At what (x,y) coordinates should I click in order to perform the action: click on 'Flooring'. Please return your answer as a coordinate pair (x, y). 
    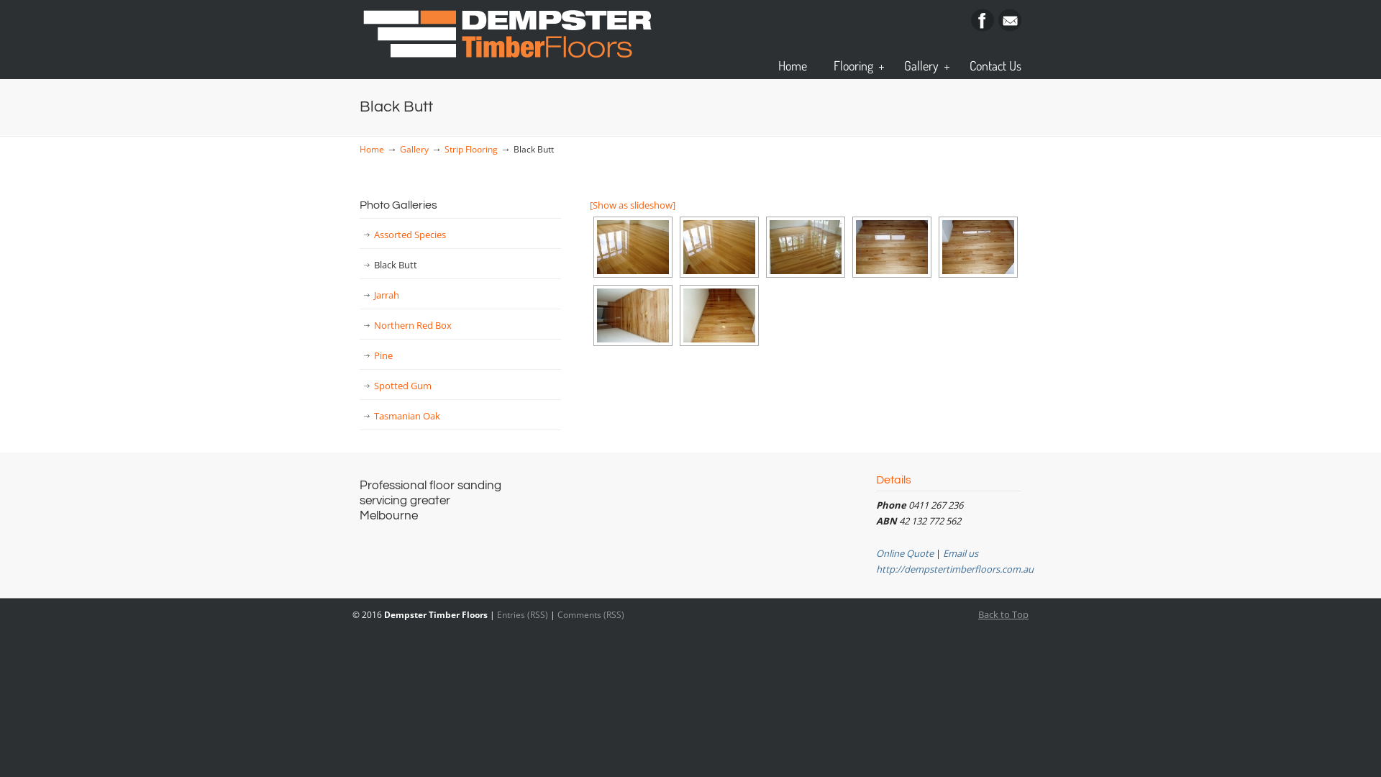
    Looking at the image, I should click on (855, 65).